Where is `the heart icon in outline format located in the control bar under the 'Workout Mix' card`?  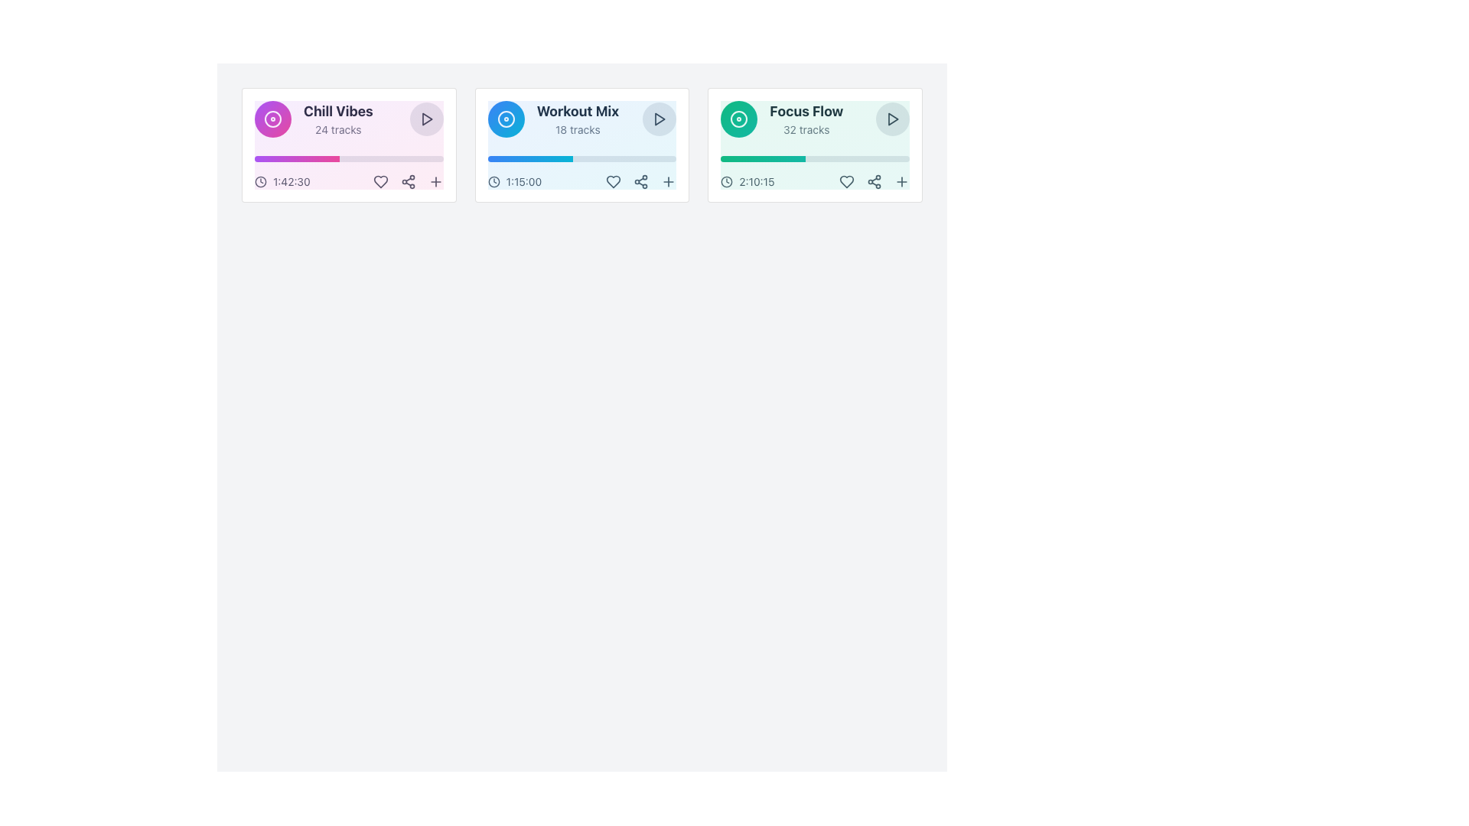 the heart icon in outline format located in the control bar under the 'Workout Mix' card is located at coordinates (614, 181).